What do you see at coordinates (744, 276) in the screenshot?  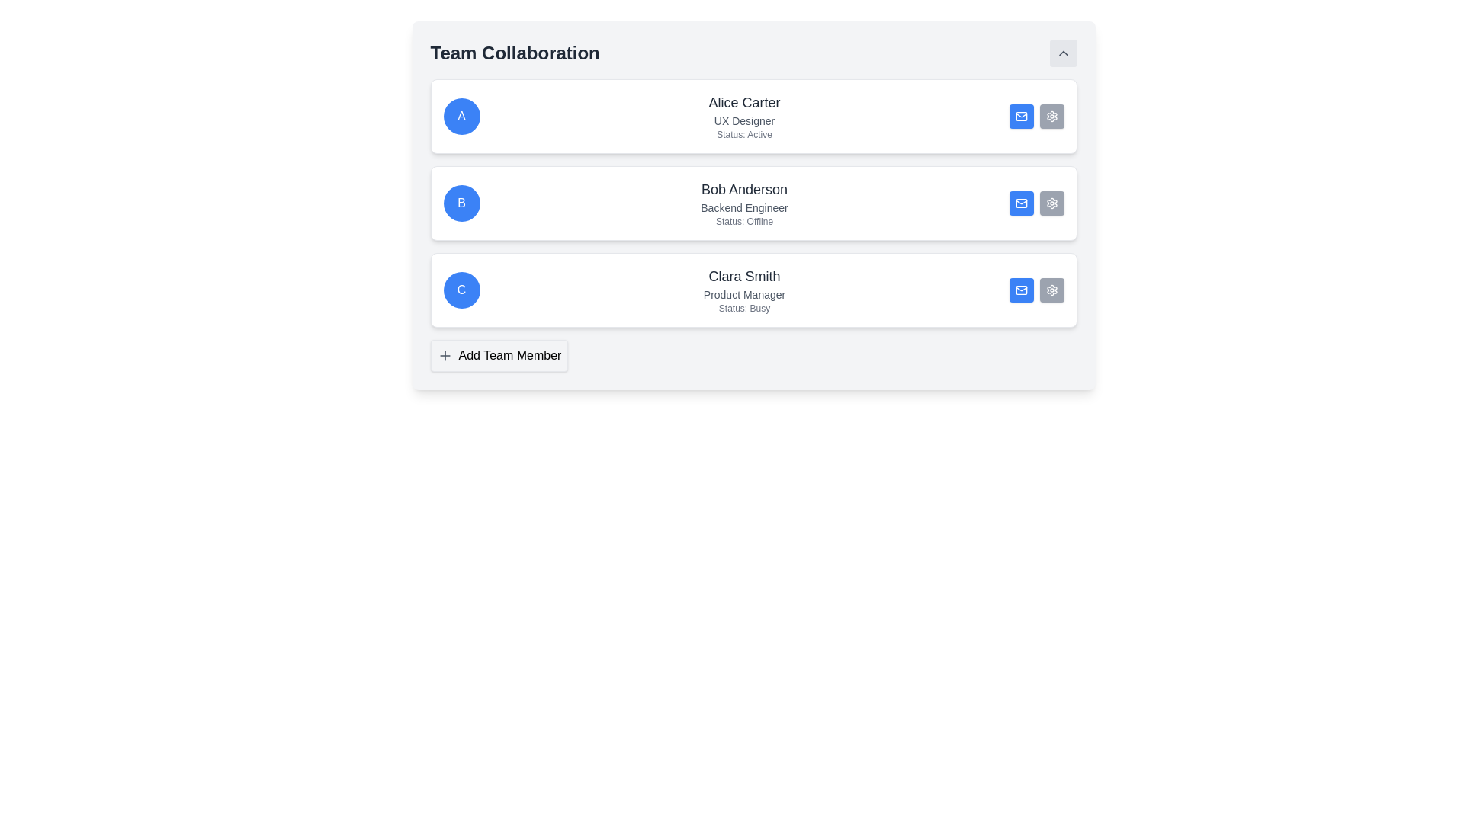 I see `name displayed in the text label that shows 'Clara Smith', located above 'Product Manager' and 'Status: Busy' within the third card of the 'Team Collaboration' list` at bounding box center [744, 276].